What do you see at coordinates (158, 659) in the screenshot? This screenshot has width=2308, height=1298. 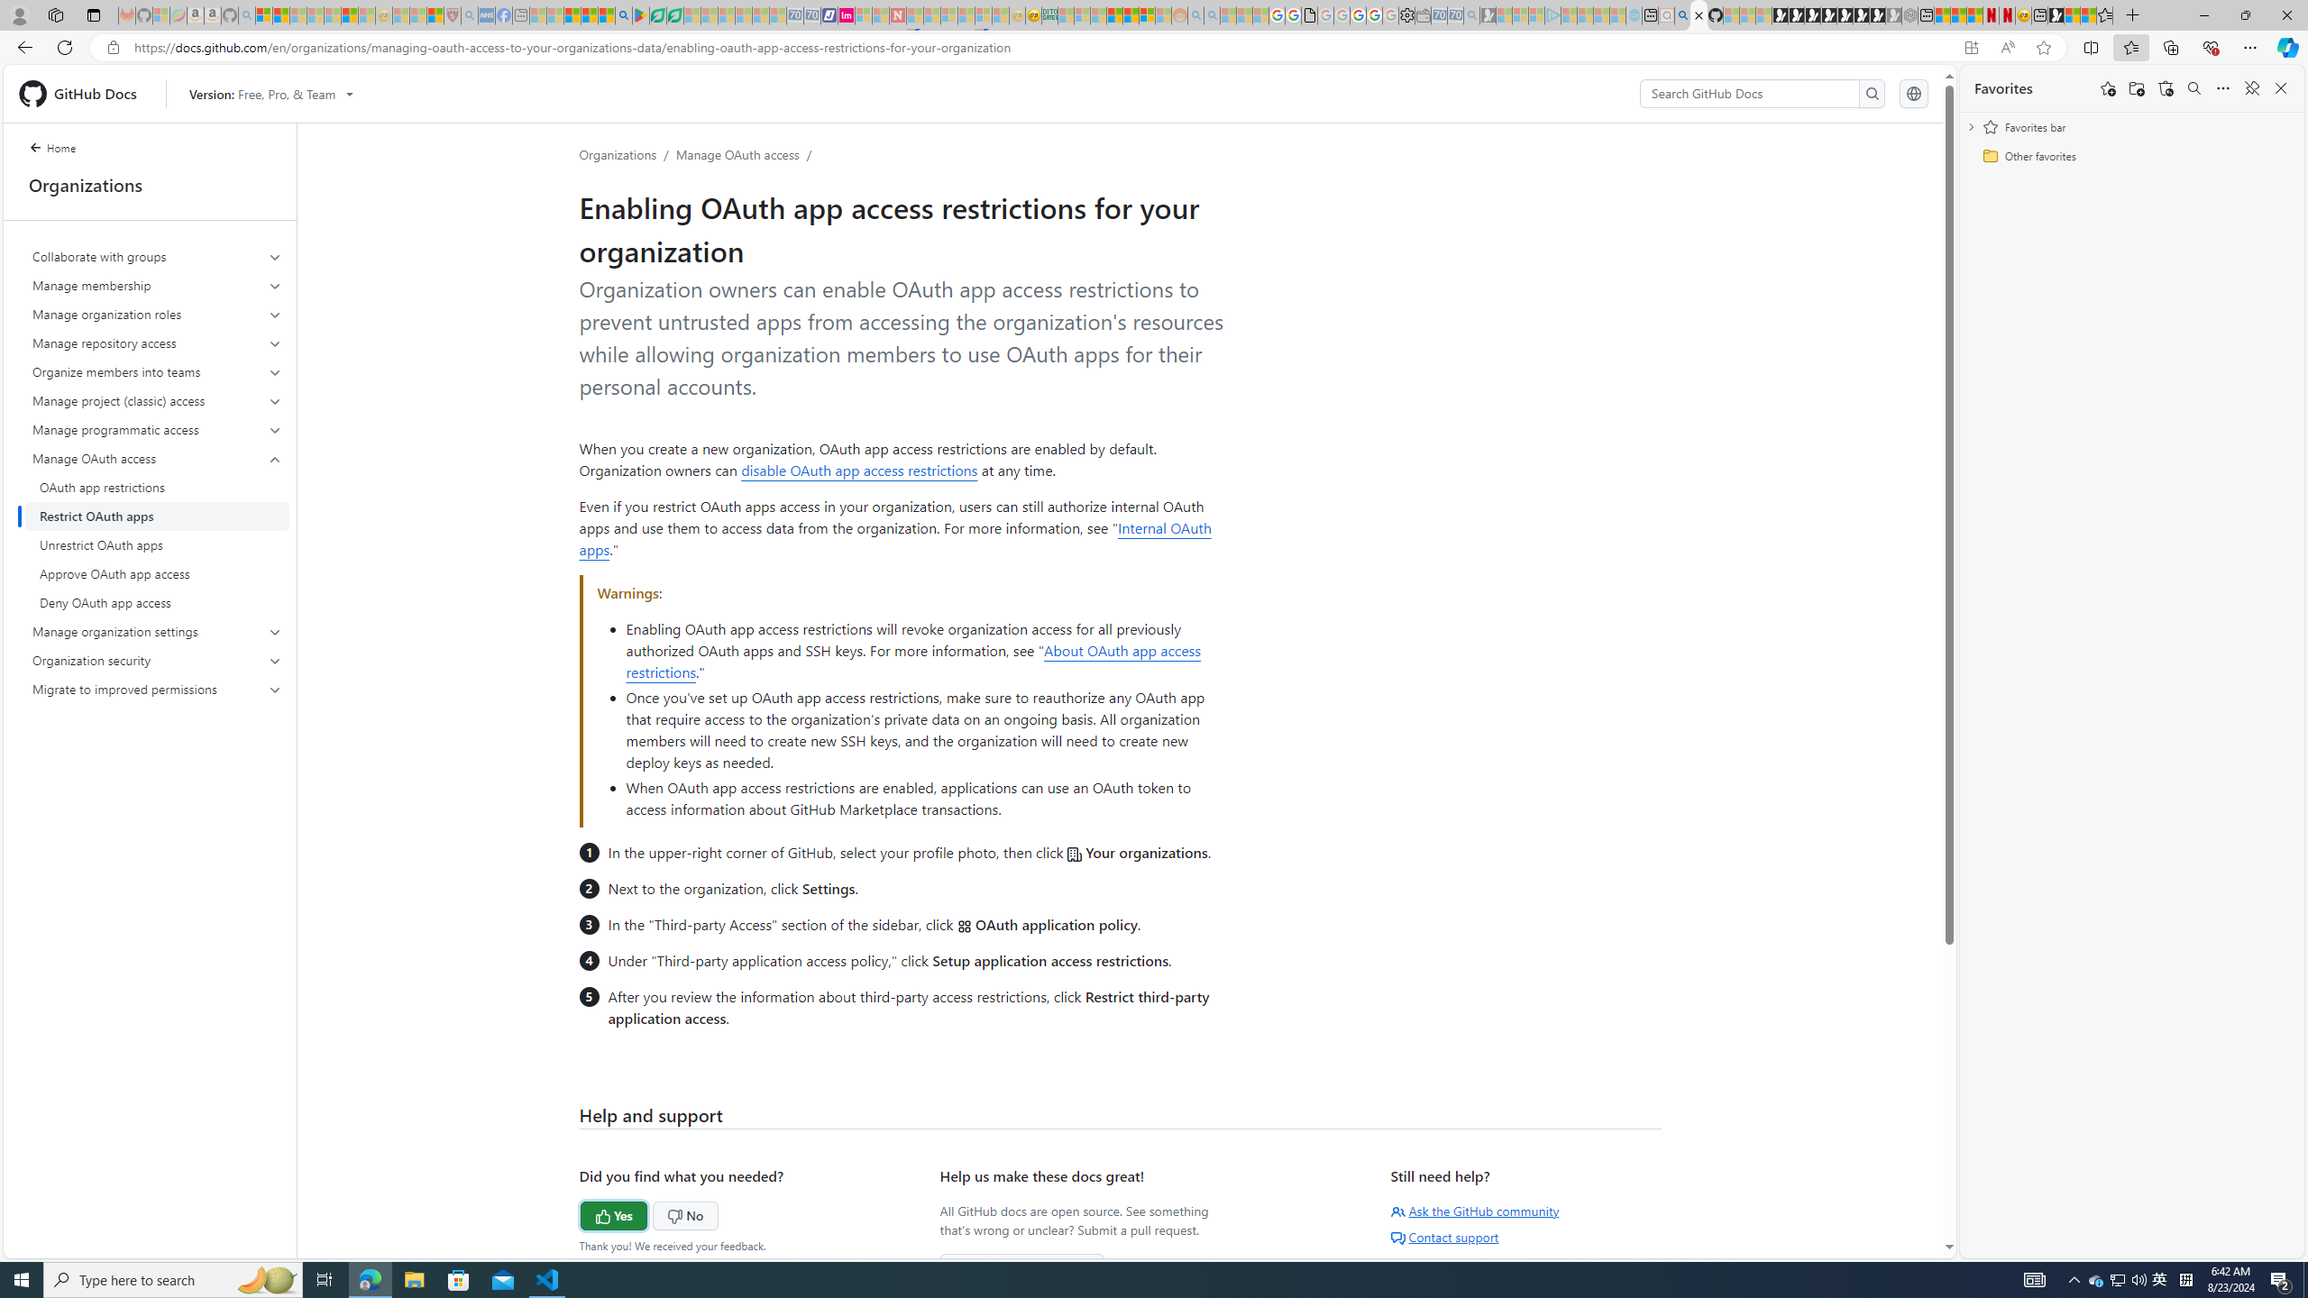 I see `'Organization security'` at bounding box center [158, 659].